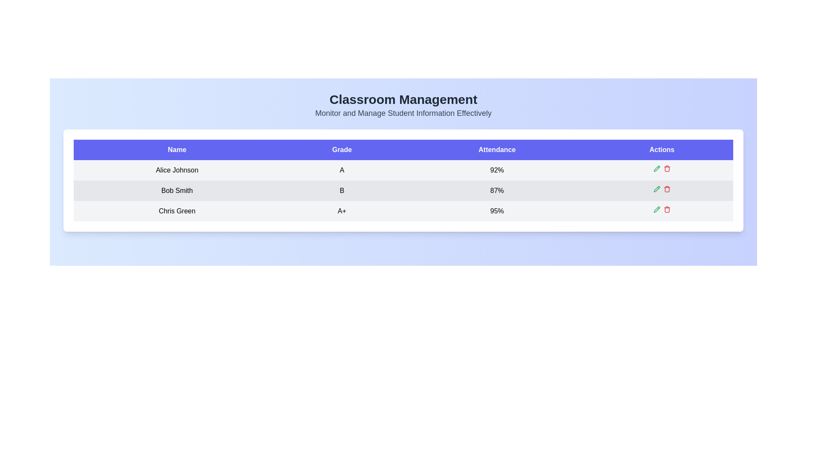  Describe the element at coordinates (661, 149) in the screenshot. I see `the 'Actions' table header cell, which is the fourth column header in the table, displaying white text on a purple background` at that location.